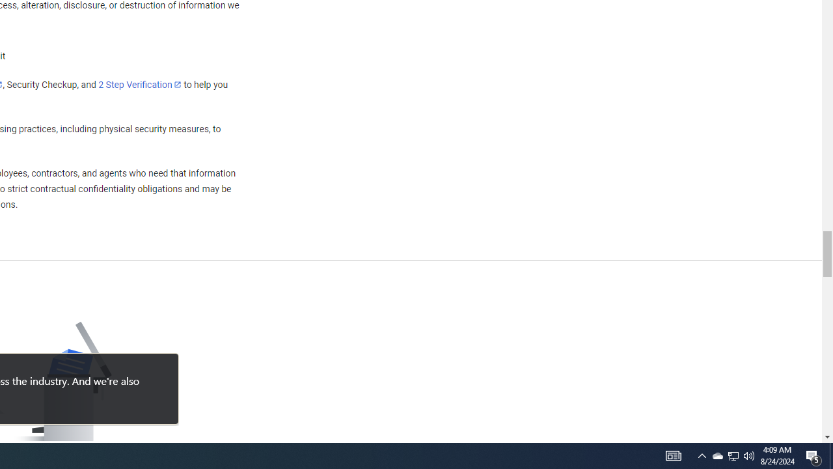 The image size is (833, 469). What do you see at coordinates (140, 84) in the screenshot?
I see `'2 Step Verification'` at bounding box center [140, 84].